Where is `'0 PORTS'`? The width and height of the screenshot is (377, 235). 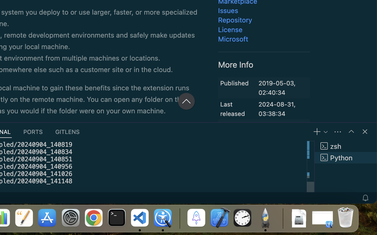
'0 PORTS' is located at coordinates (33, 131).